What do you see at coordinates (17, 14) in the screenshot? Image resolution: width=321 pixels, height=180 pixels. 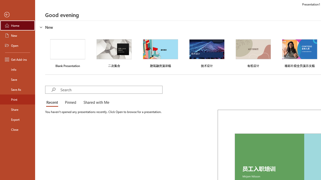 I see `'Back'` at bounding box center [17, 14].